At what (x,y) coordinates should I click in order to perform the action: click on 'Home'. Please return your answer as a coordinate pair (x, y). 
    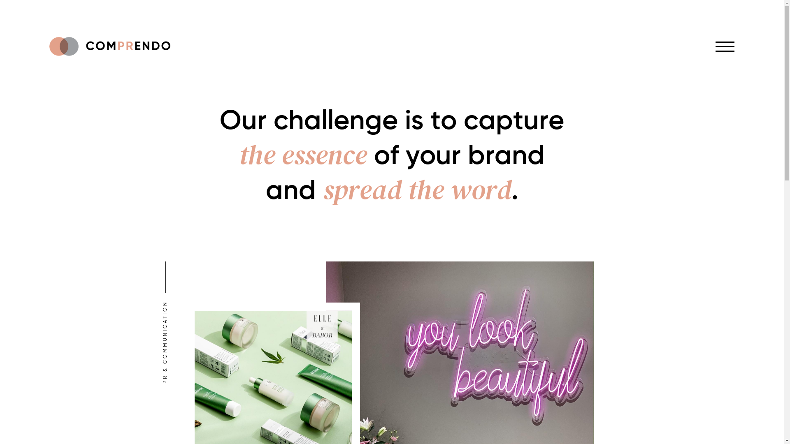
    Looking at the image, I should click on (109, 46).